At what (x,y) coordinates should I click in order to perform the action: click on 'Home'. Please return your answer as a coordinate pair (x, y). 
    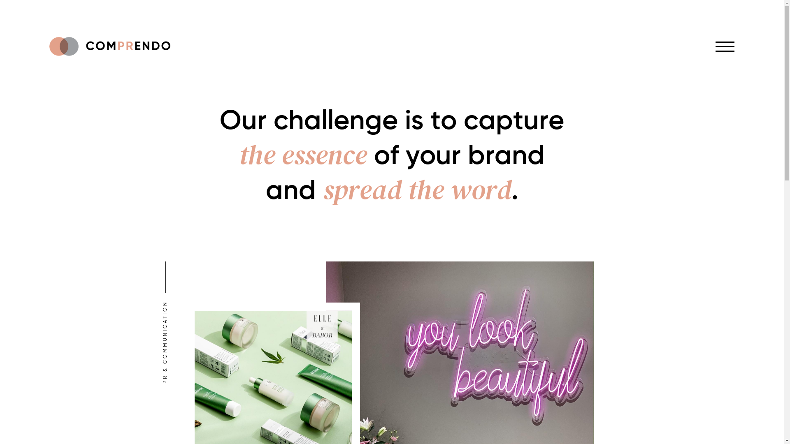
    Looking at the image, I should click on (109, 46).